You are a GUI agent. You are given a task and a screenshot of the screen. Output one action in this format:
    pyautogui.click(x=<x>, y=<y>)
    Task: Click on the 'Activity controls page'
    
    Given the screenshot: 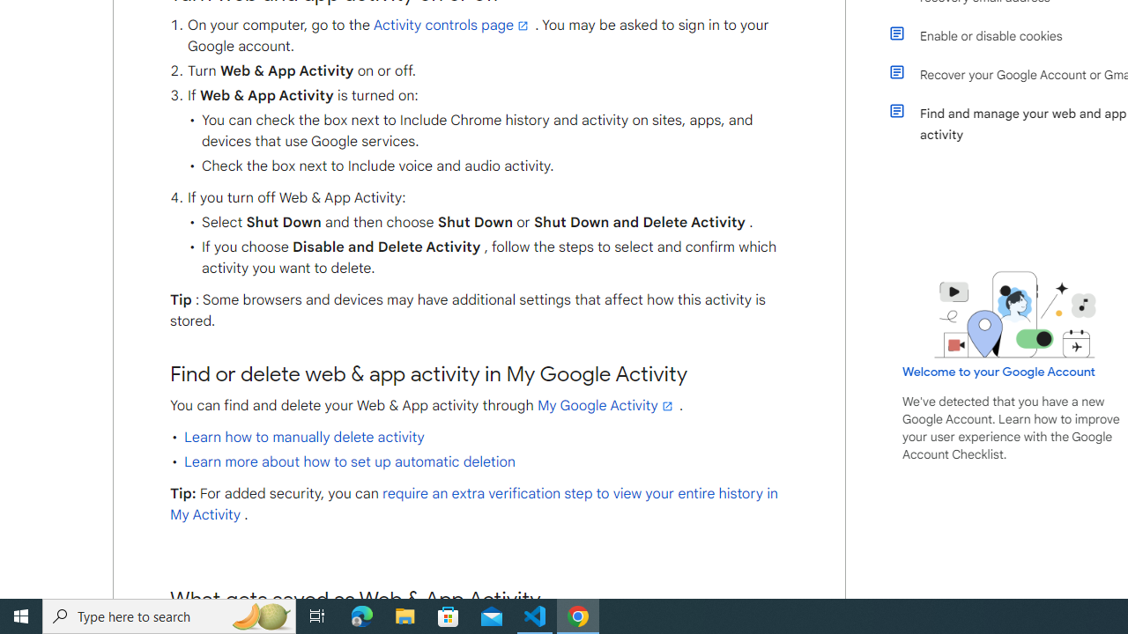 What is the action you would take?
    pyautogui.click(x=452, y=25)
    